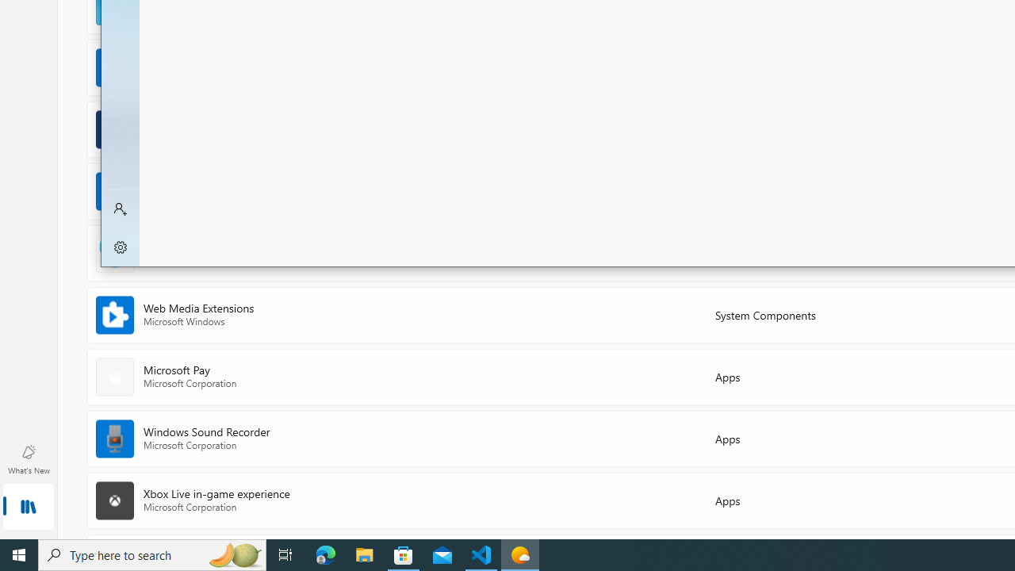 The width and height of the screenshot is (1015, 571). I want to click on 'File Explorer', so click(364, 554).